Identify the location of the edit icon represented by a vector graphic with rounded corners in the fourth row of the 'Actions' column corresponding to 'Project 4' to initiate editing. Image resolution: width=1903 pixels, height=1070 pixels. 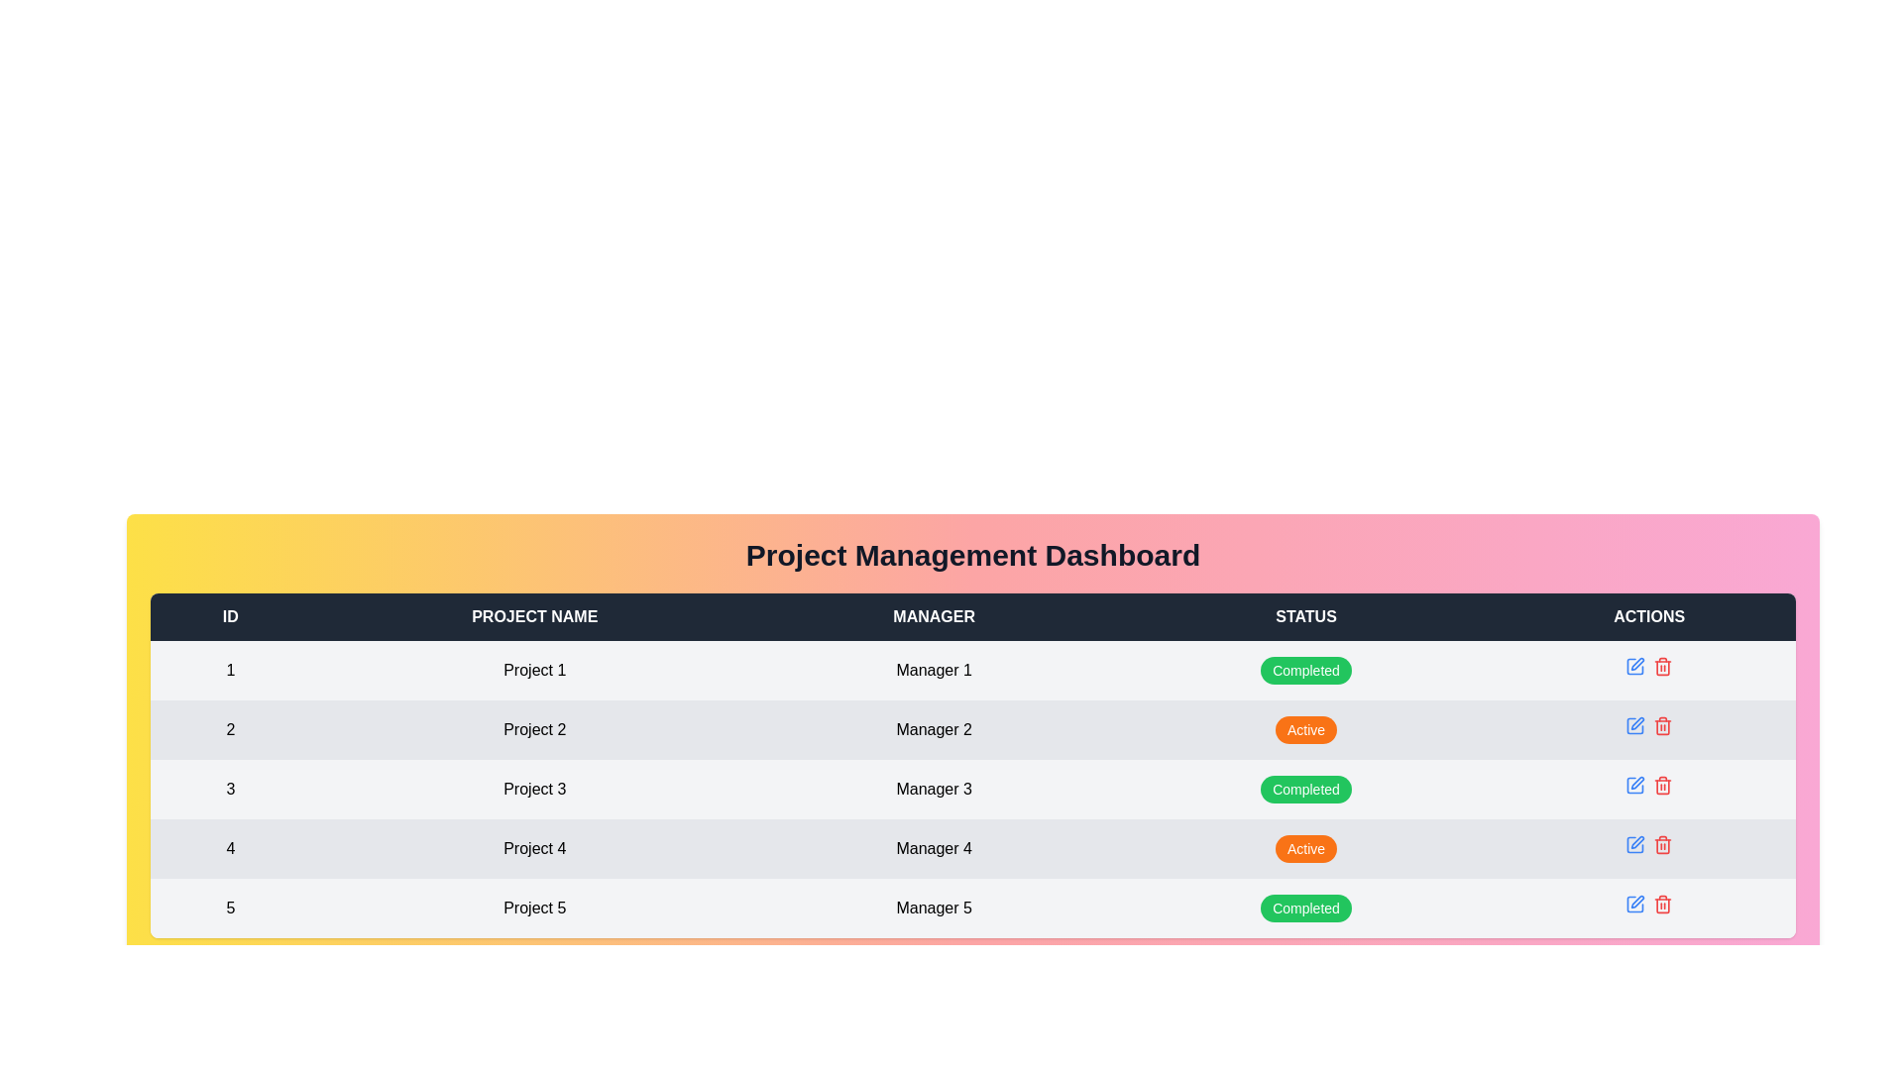
(1635, 844).